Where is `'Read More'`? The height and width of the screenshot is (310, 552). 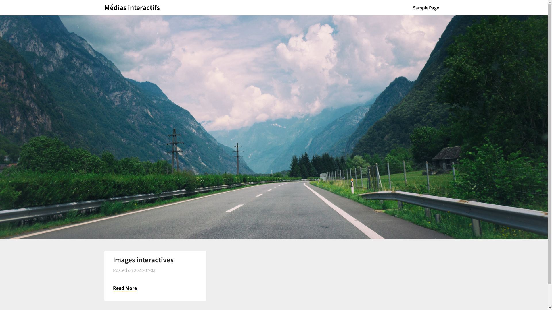 'Read More' is located at coordinates (124, 288).